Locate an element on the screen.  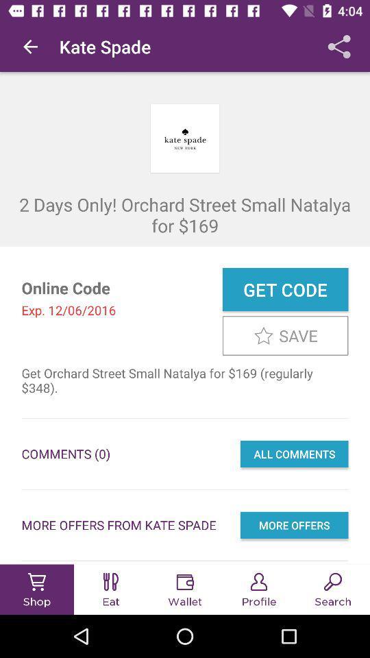
the item below get orchard street is located at coordinates (293, 454).